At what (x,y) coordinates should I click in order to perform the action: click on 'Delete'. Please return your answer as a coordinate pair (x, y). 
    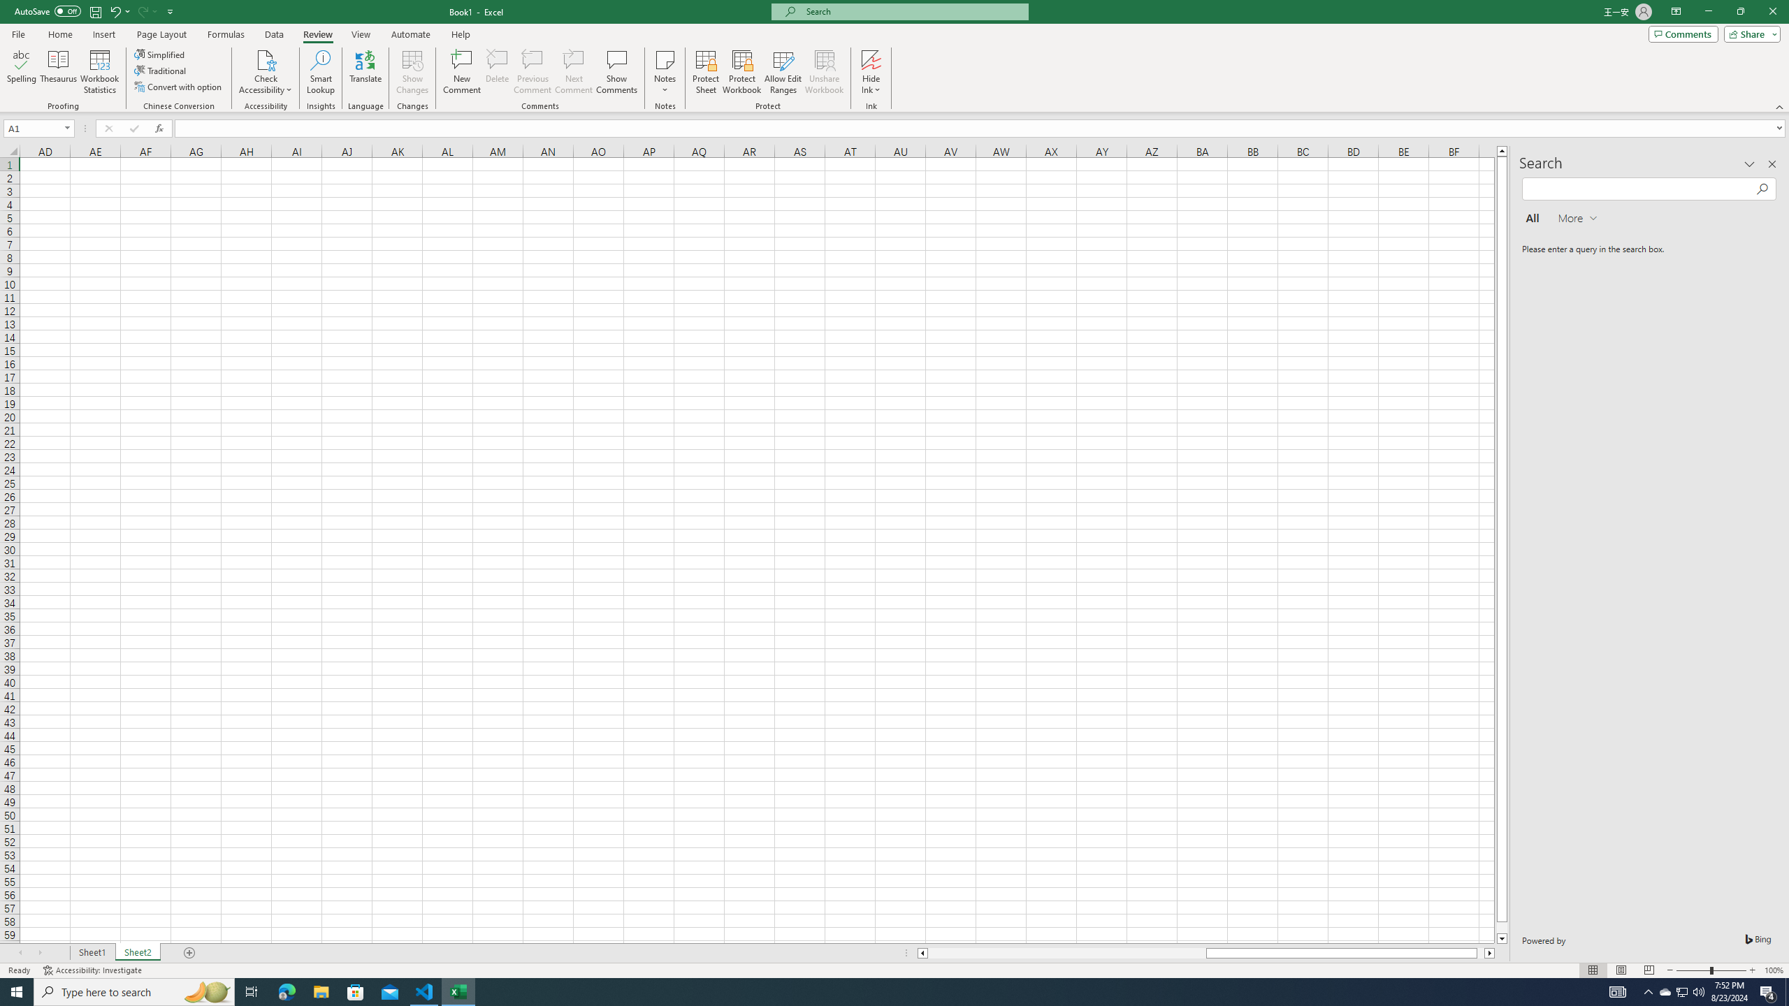
    Looking at the image, I should click on (496, 72).